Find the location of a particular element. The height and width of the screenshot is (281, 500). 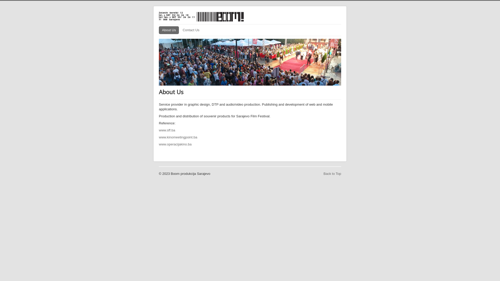

'About Us' is located at coordinates (169, 30).